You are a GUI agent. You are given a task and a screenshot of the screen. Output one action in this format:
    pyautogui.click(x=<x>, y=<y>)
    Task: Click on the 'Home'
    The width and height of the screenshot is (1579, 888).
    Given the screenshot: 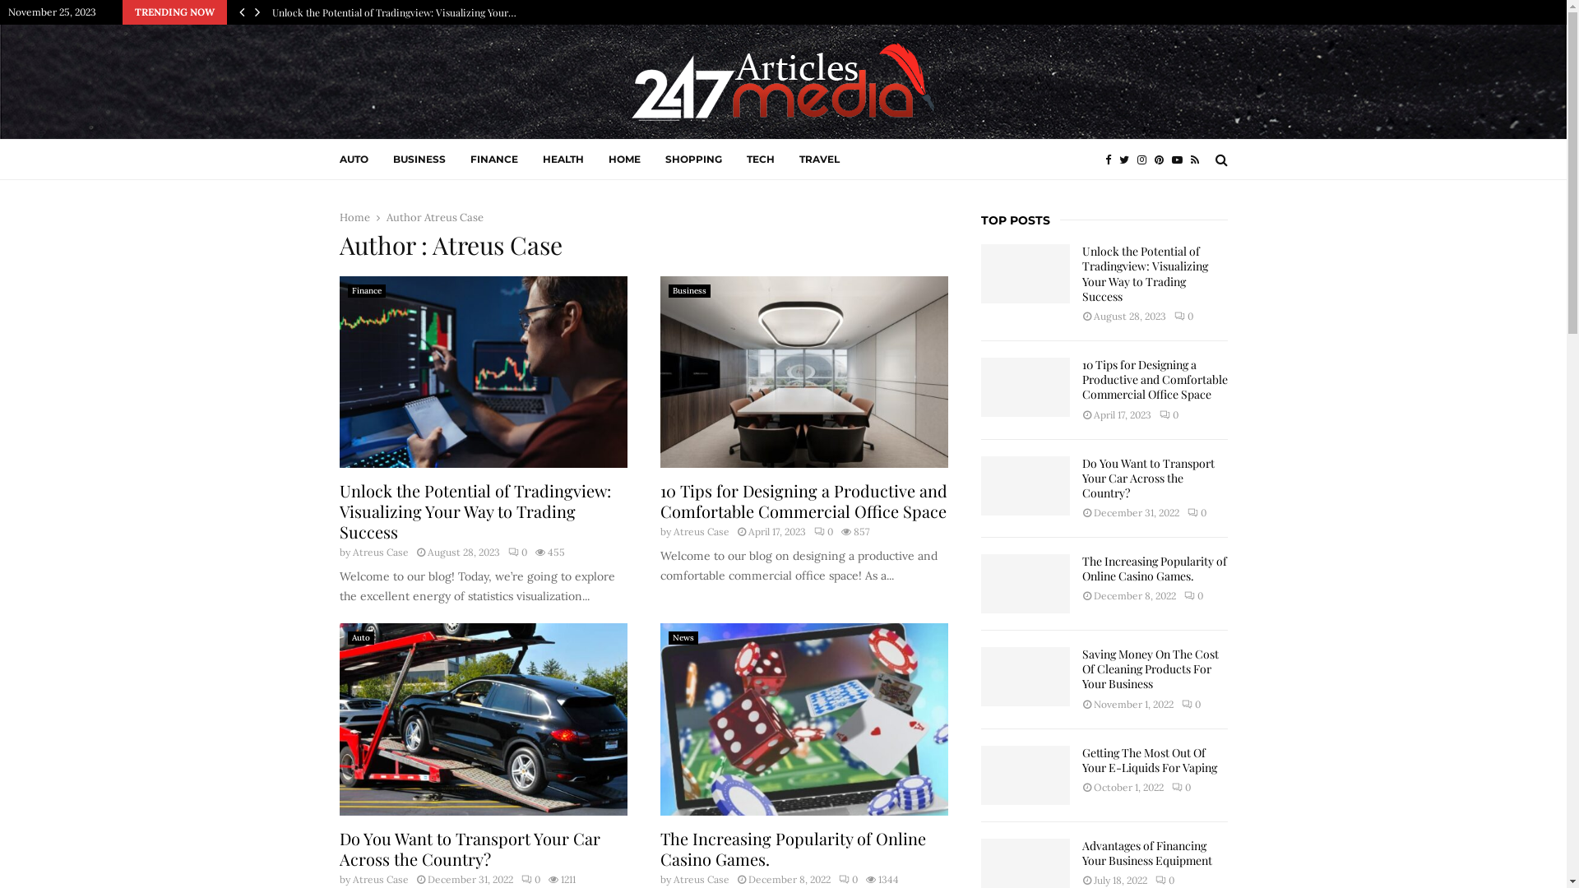 What is the action you would take?
    pyautogui.click(x=353, y=216)
    